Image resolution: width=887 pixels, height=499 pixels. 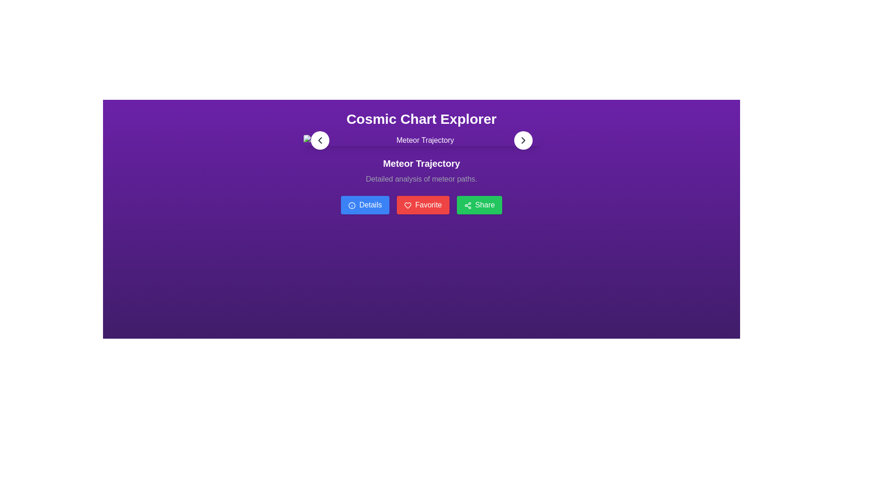 What do you see at coordinates (422, 204) in the screenshot?
I see `the favorite button located between the 'Details' button on the left and the 'Share' button on the right, below the 'Meteor Trajectory' subheading, to mark the current item as a favorite` at bounding box center [422, 204].